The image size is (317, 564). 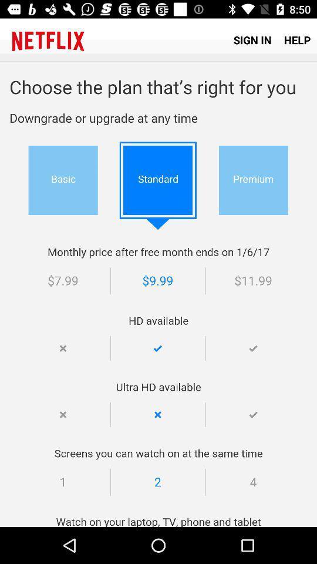 What do you see at coordinates (158, 294) in the screenshot?
I see `choose plan` at bounding box center [158, 294].